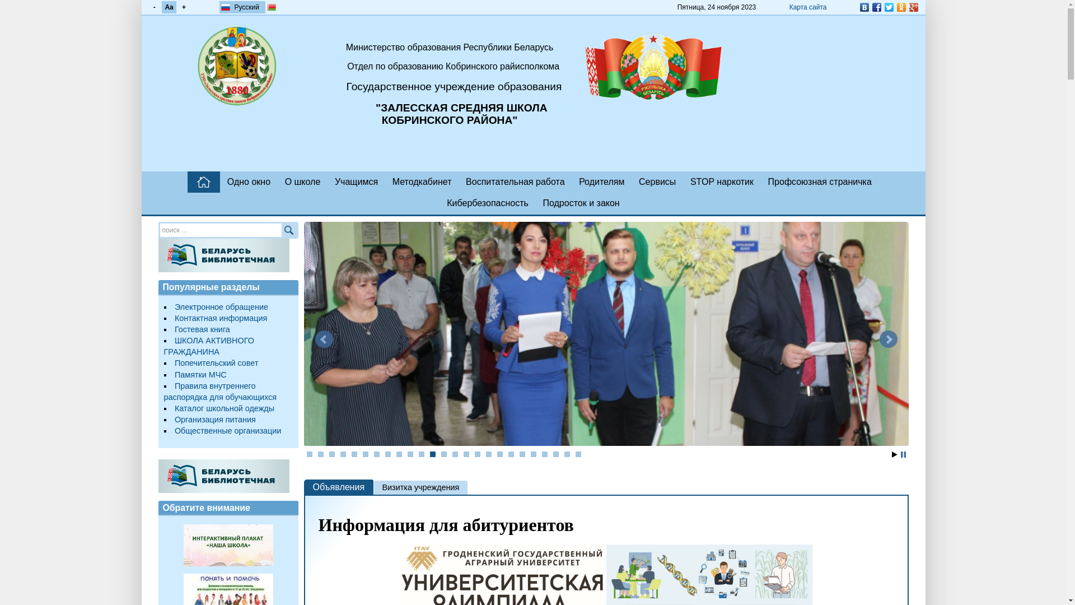 This screenshot has width=1075, height=605. Describe the element at coordinates (567, 454) in the screenshot. I see `'24'` at that location.